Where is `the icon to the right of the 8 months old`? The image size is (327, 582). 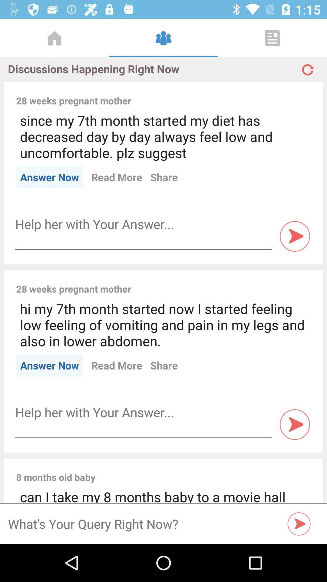 the icon to the right of the 8 months old is located at coordinates (207, 470).